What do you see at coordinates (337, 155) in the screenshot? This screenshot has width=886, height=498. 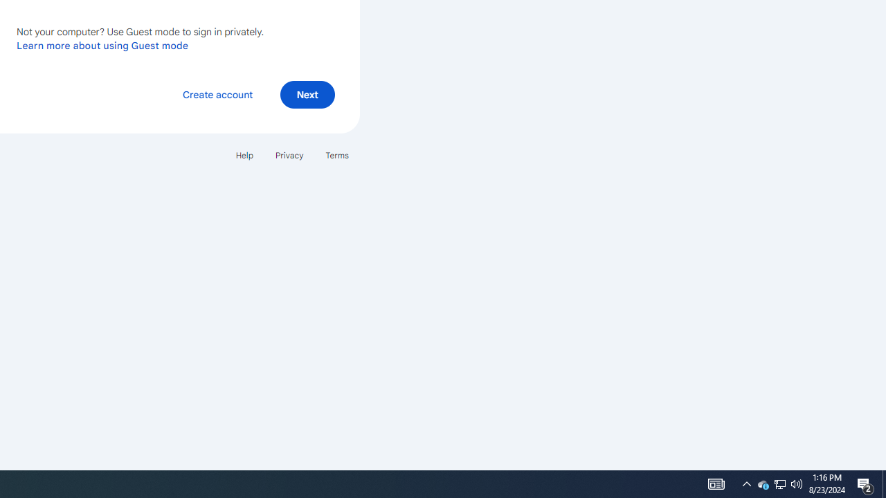 I see `'Terms'` at bounding box center [337, 155].